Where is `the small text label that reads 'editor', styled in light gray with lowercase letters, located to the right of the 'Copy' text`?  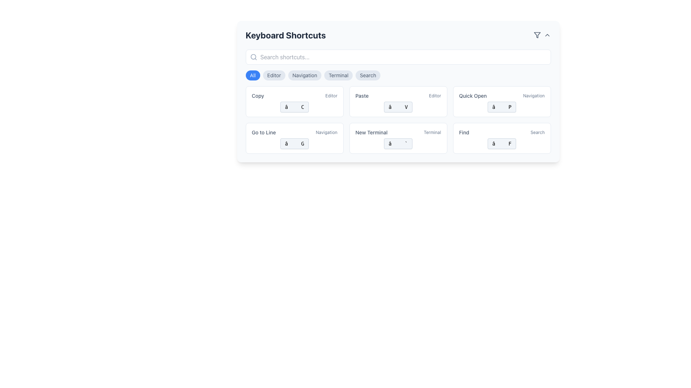 the small text label that reads 'editor', styled in light gray with lowercase letters, located to the right of the 'Copy' text is located at coordinates (331, 95).